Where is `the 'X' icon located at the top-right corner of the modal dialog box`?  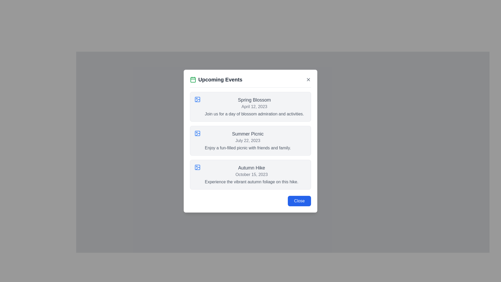 the 'X' icon located at the top-right corner of the modal dialog box is located at coordinates (308, 79).